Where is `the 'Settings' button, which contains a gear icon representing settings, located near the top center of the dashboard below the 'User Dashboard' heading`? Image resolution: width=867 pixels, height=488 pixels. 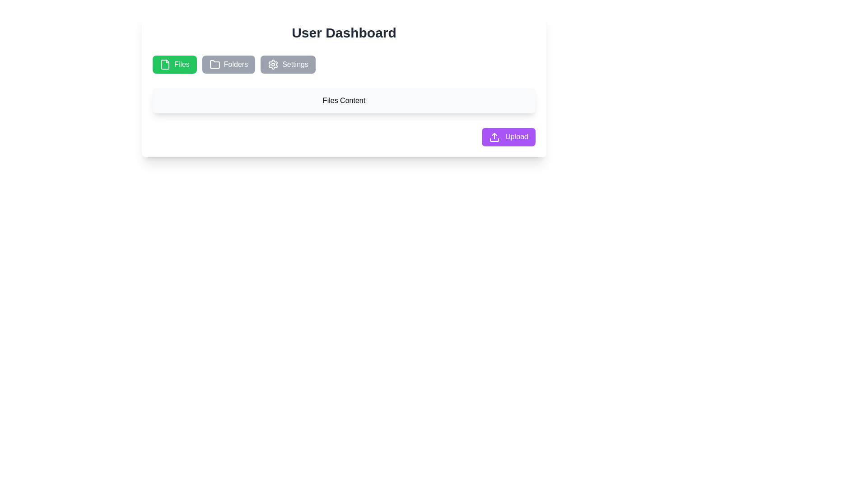 the 'Settings' button, which contains a gear icon representing settings, located near the top center of the dashboard below the 'User Dashboard' heading is located at coordinates (273, 64).